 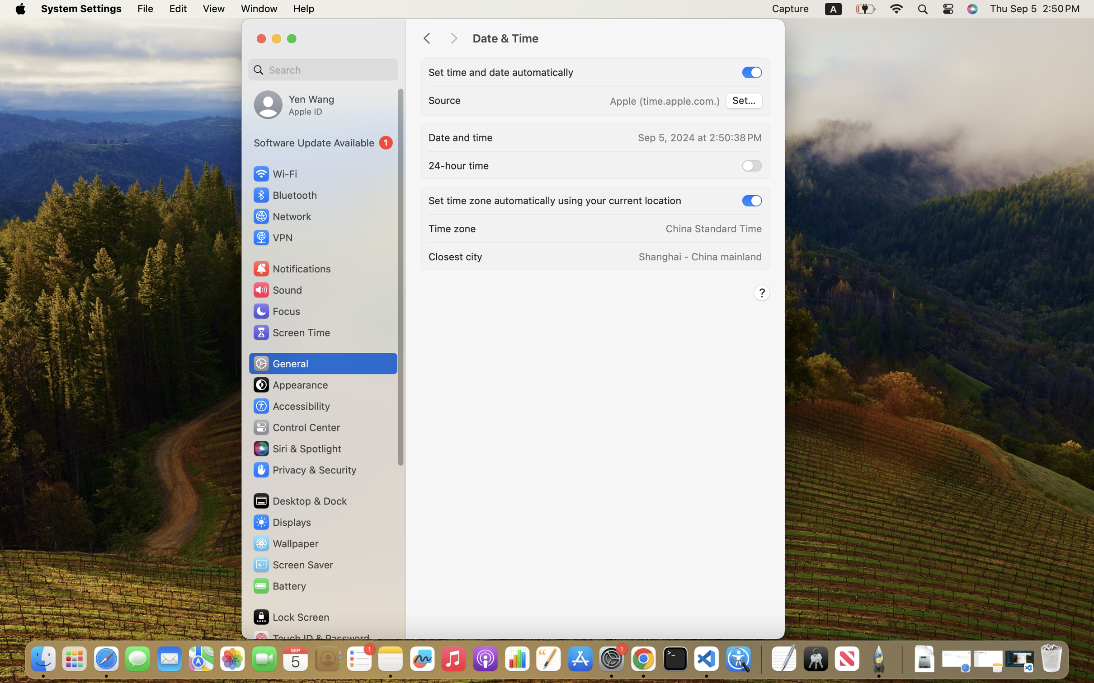 I want to click on 'Yen Wang, Apple ID', so click(x=294, y=104).